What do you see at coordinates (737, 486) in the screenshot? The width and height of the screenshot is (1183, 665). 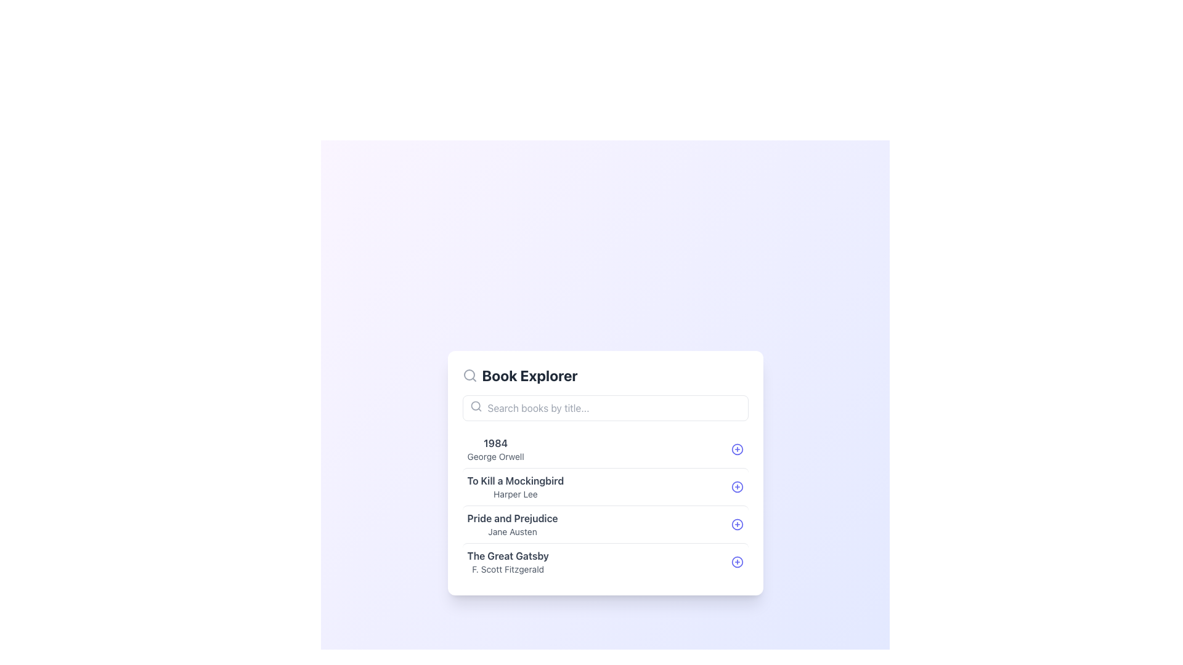 I see `the central circular component of the 'plus' icon located in the row for the book 'To Kill a Mockingbird'` at bounding box center [737, 486].